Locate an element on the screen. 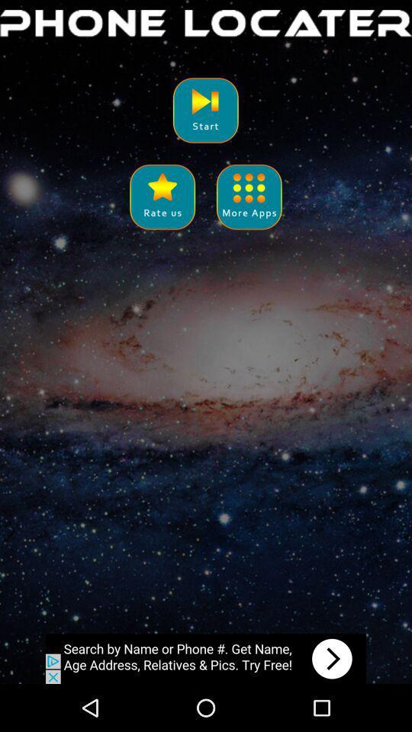 This screenshot has height=732, width=412. more apps is located at coordinates (249, 196).